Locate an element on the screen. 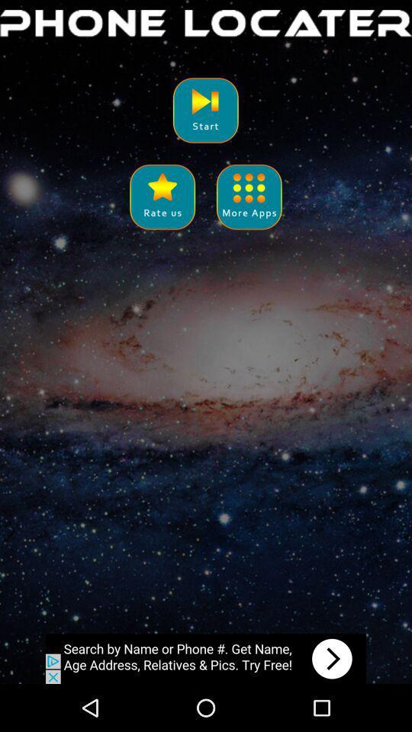 This screenshot has height=732, width=412. more apps is located at coordinates (249, 196).